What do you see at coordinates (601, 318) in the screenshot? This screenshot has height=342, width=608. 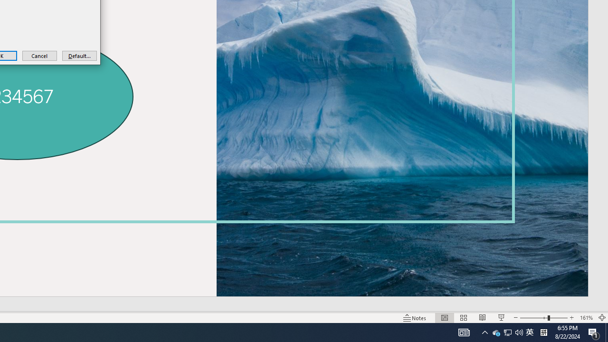 I see `'Zoom to Fit '` at bounding box center [601, 318].